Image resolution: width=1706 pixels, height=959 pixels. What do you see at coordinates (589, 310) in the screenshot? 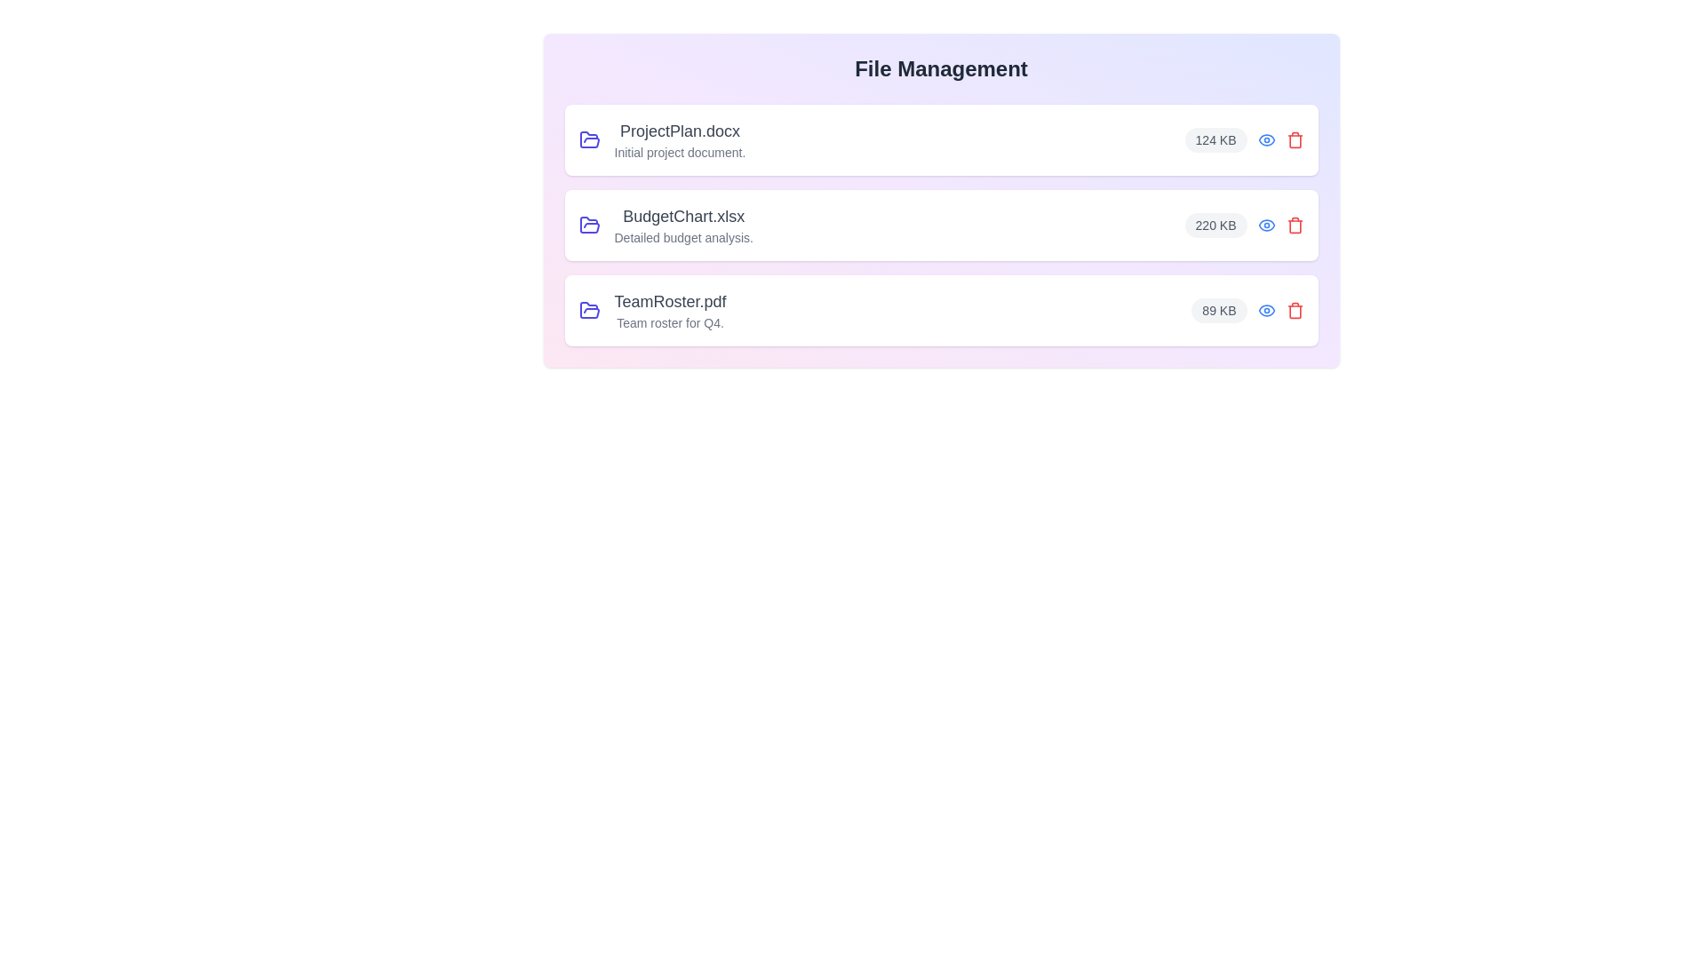
I see `the folder icon corresponding to the file TeamRoster.pdf` at bounding box center [589, 310].